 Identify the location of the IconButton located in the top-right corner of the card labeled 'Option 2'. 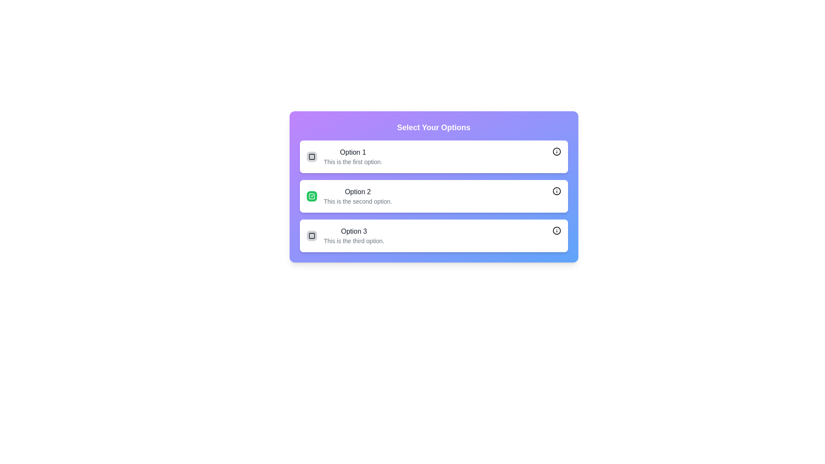
(556, 190).